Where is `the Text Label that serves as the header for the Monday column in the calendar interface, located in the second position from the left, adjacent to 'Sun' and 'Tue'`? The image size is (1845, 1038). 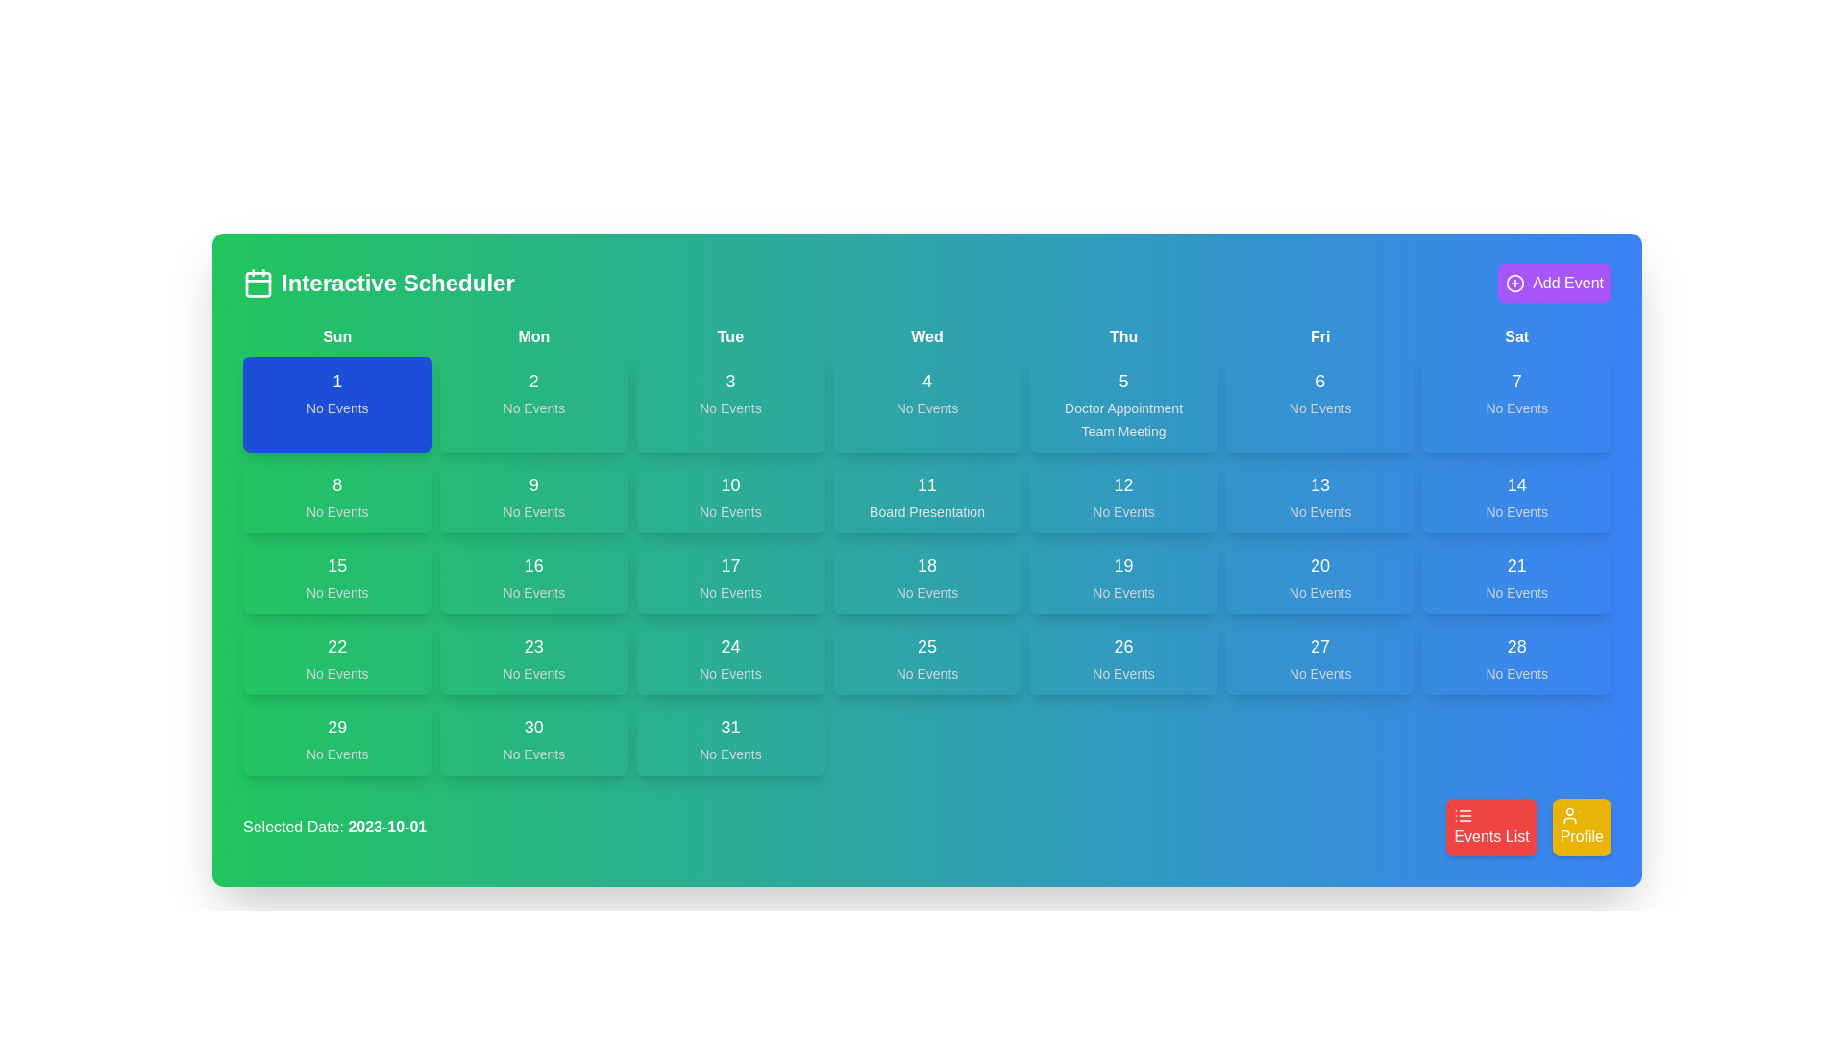
the Text Label that serves as the header for the Monday column in the calendar interface, located in the second position from the left, adjacent to 'Sun' and 'Tue' is located at coordinates (533, 336).